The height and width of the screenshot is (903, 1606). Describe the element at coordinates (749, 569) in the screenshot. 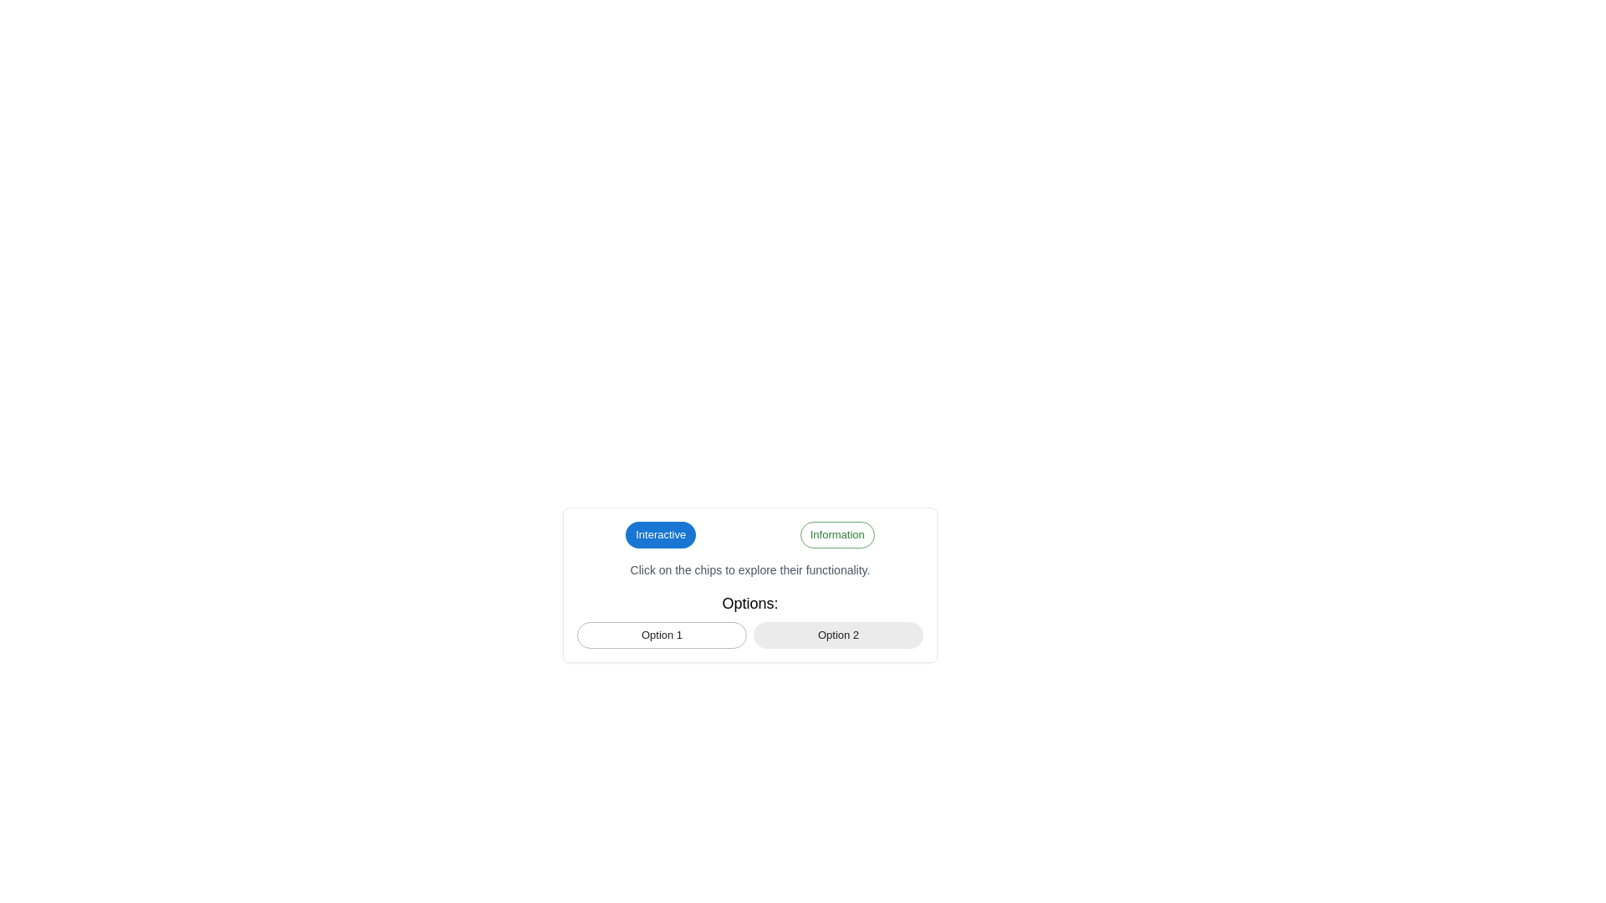

I see `guidance text displayed in a smaller gray font that says 'Click on the chips to explore their functionality.' This text label is centered below the chip buttons and above the 'Options:' section` at that location.